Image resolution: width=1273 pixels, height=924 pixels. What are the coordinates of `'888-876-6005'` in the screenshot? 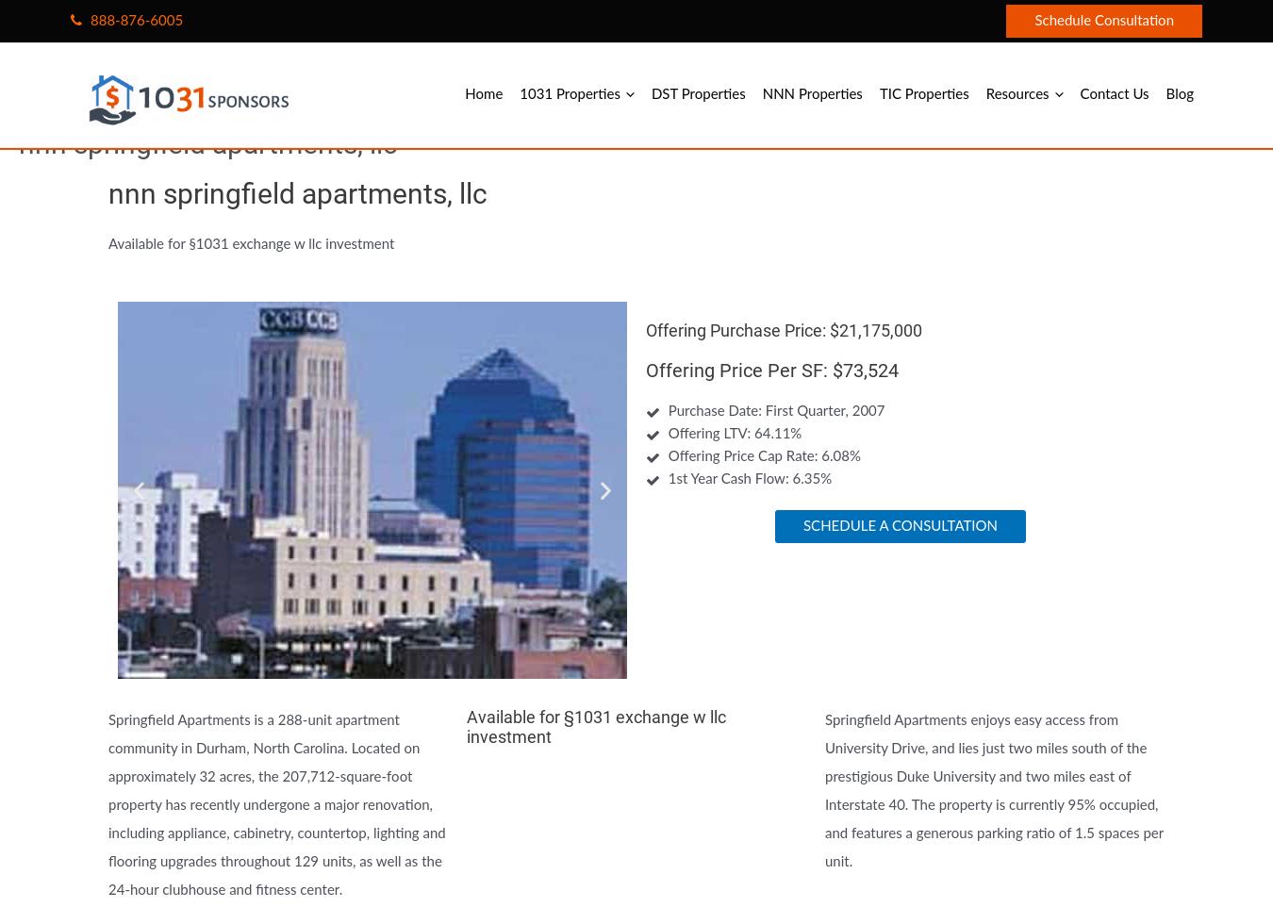 It's located at (89, 20).